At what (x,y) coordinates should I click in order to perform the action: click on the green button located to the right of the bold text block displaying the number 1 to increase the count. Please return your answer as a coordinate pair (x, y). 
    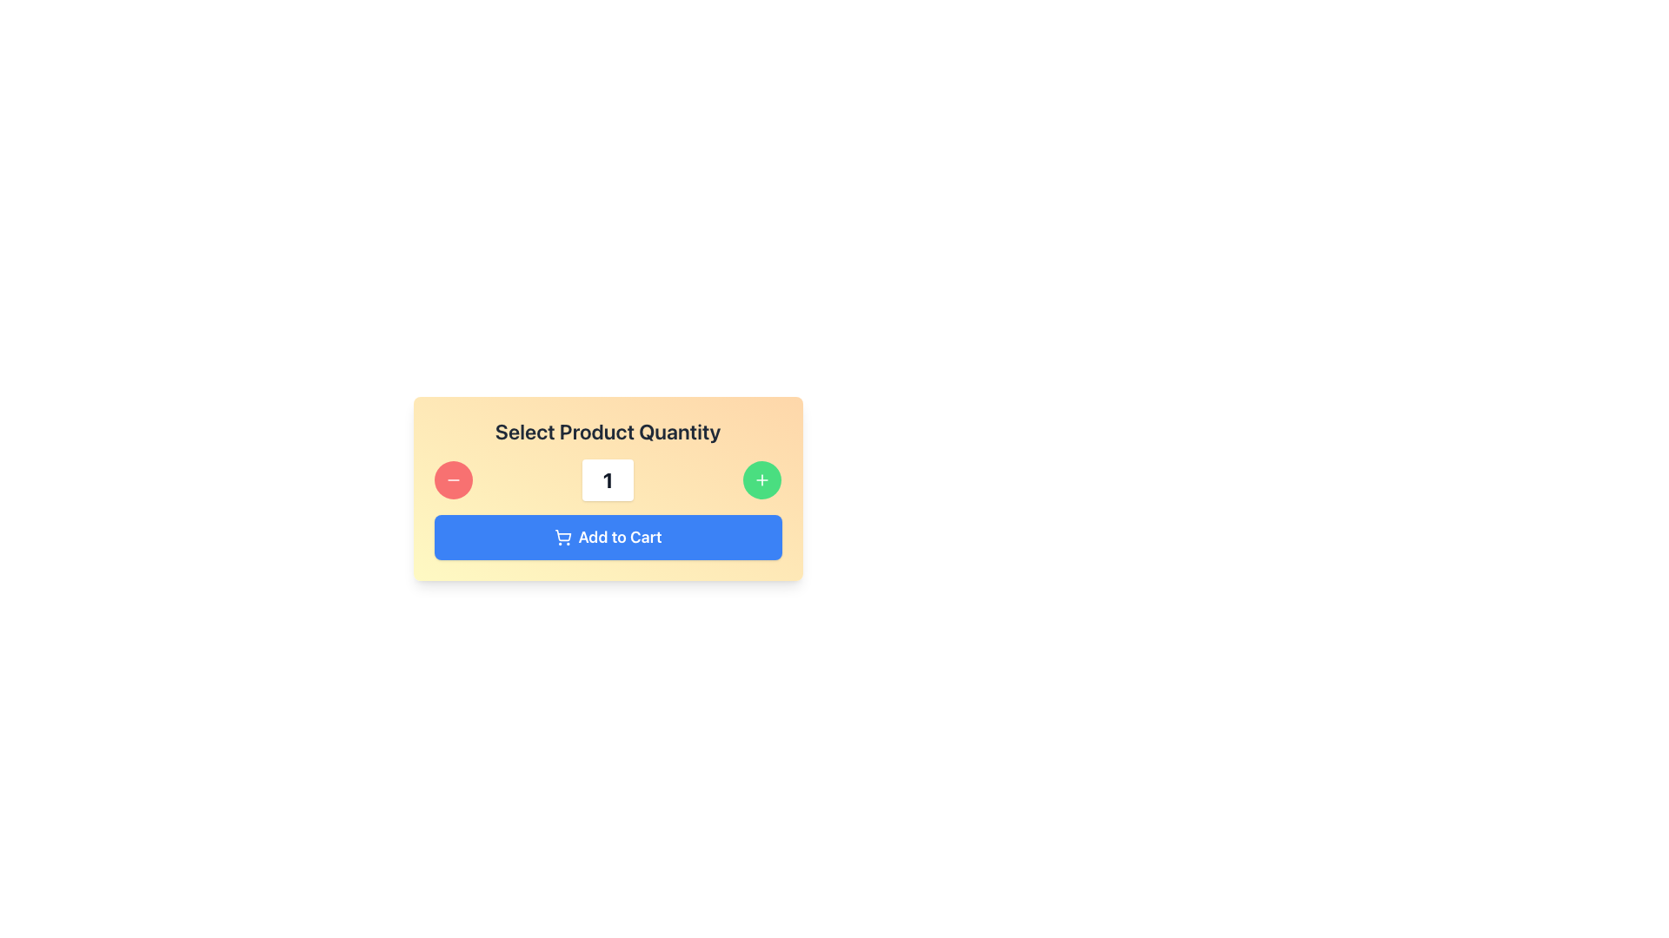
    Looking at the image, I should click on (762, 479).